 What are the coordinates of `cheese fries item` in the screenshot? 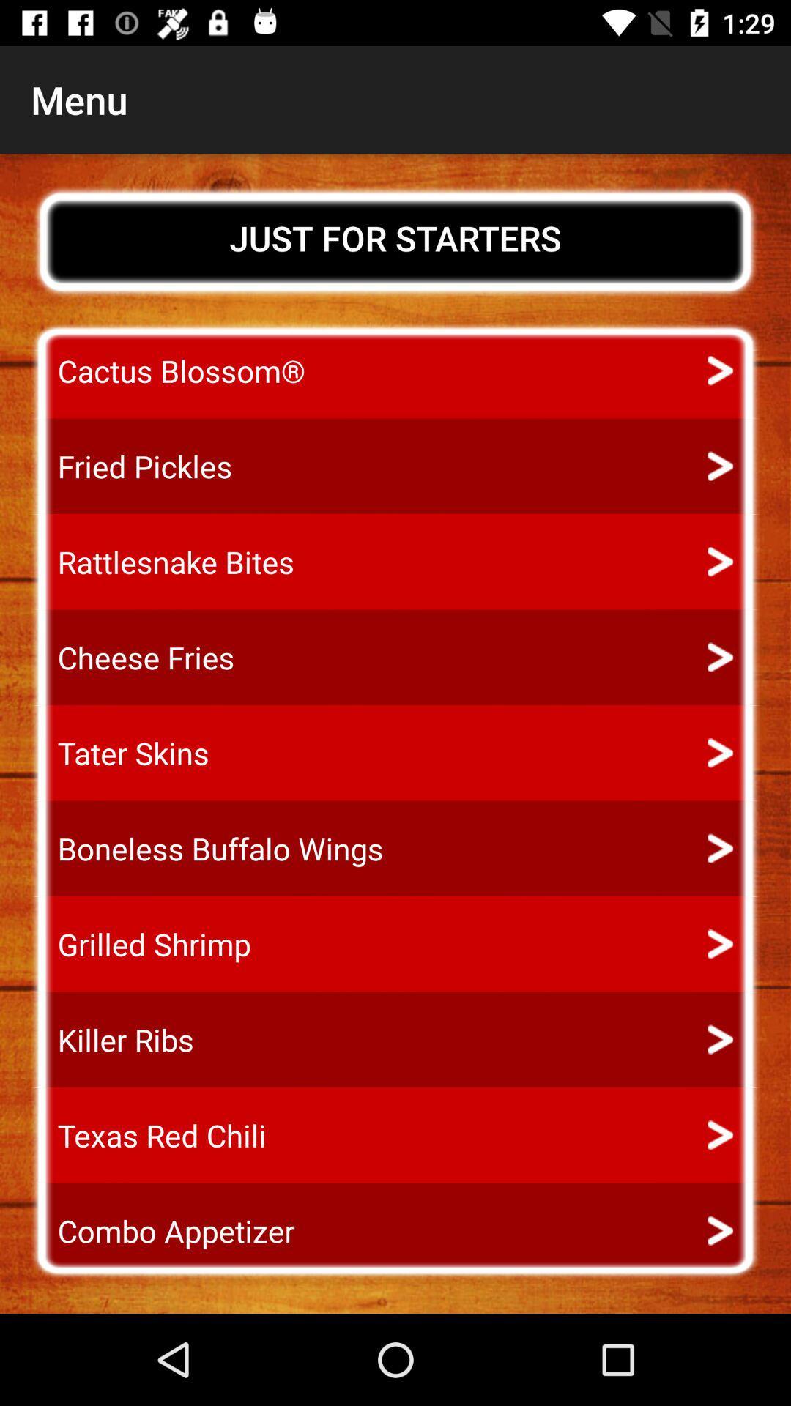 It's located at (133, 657).